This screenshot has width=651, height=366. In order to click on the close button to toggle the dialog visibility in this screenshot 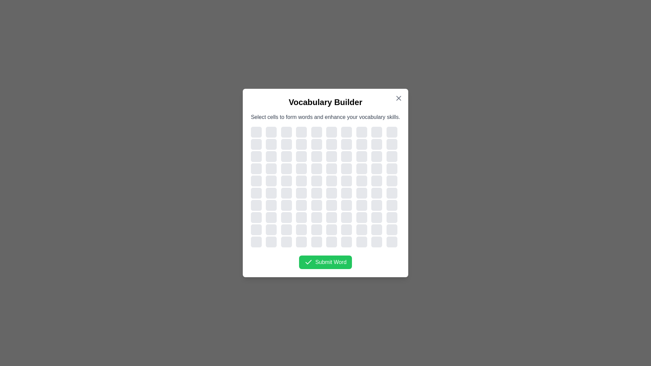, I will do `click(399, 98)`.